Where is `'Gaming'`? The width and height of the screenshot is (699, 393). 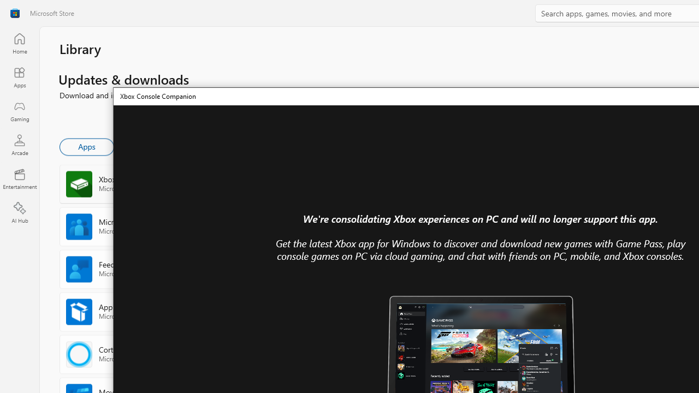 'Gaming' is located at coordinates (19, 111).